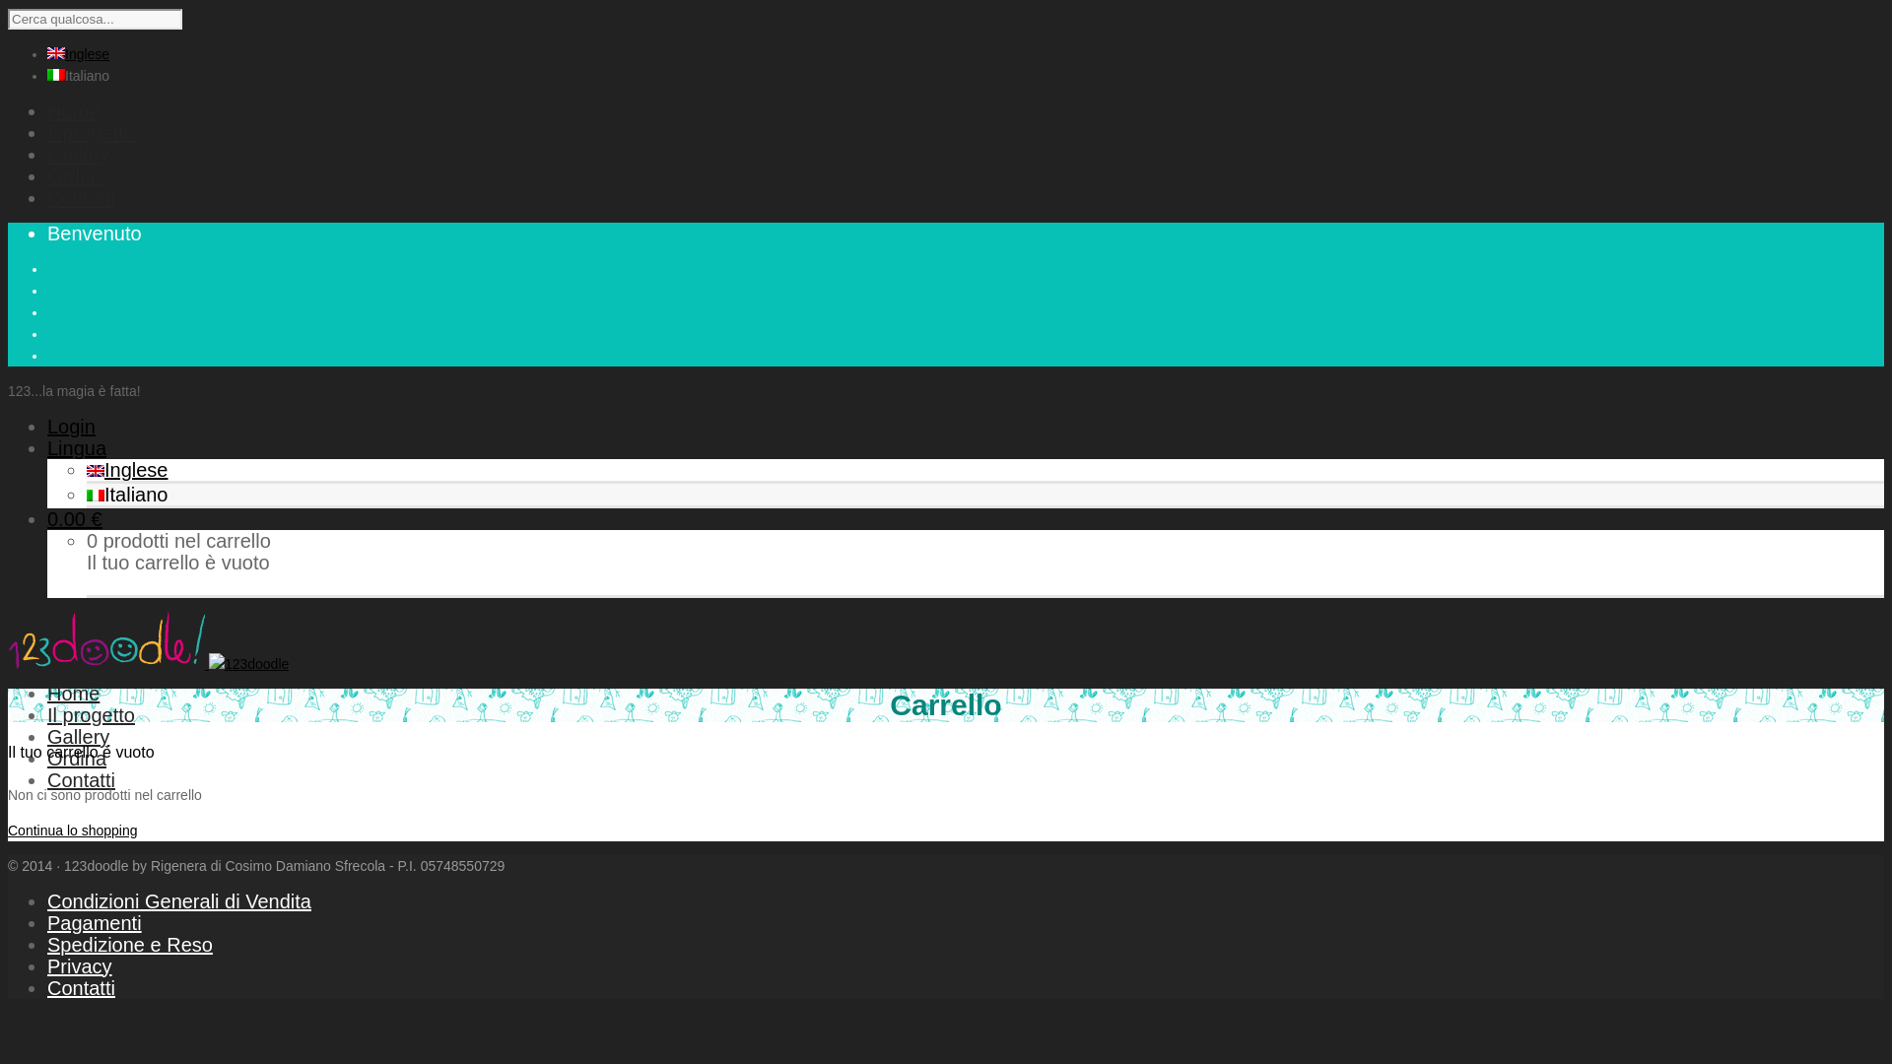  I want to click on 'Inglese', so click(126, 470).